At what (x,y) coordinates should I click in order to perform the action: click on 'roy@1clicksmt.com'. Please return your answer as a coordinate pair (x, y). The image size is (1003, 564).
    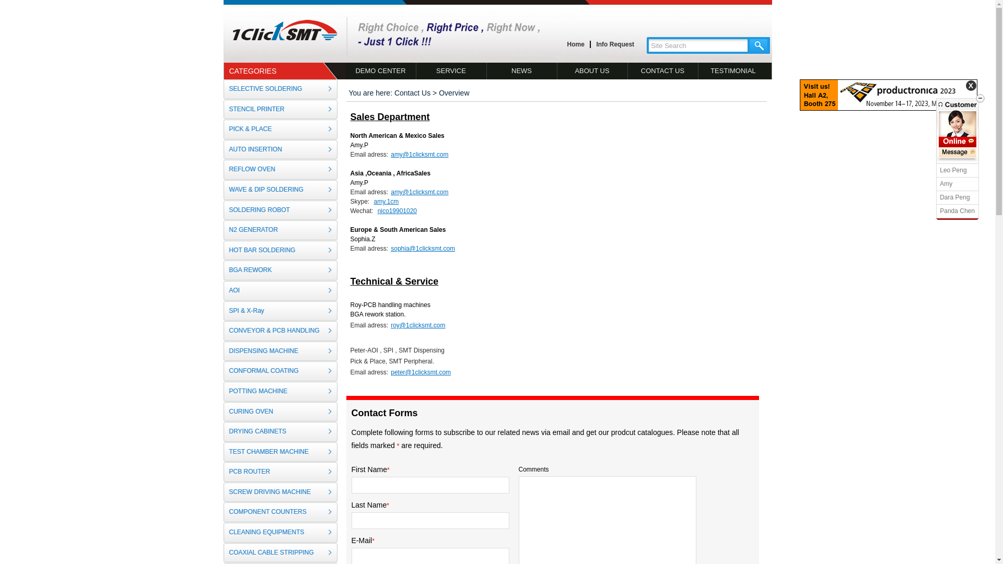
    Looking at the image, I should click on (416, 325).